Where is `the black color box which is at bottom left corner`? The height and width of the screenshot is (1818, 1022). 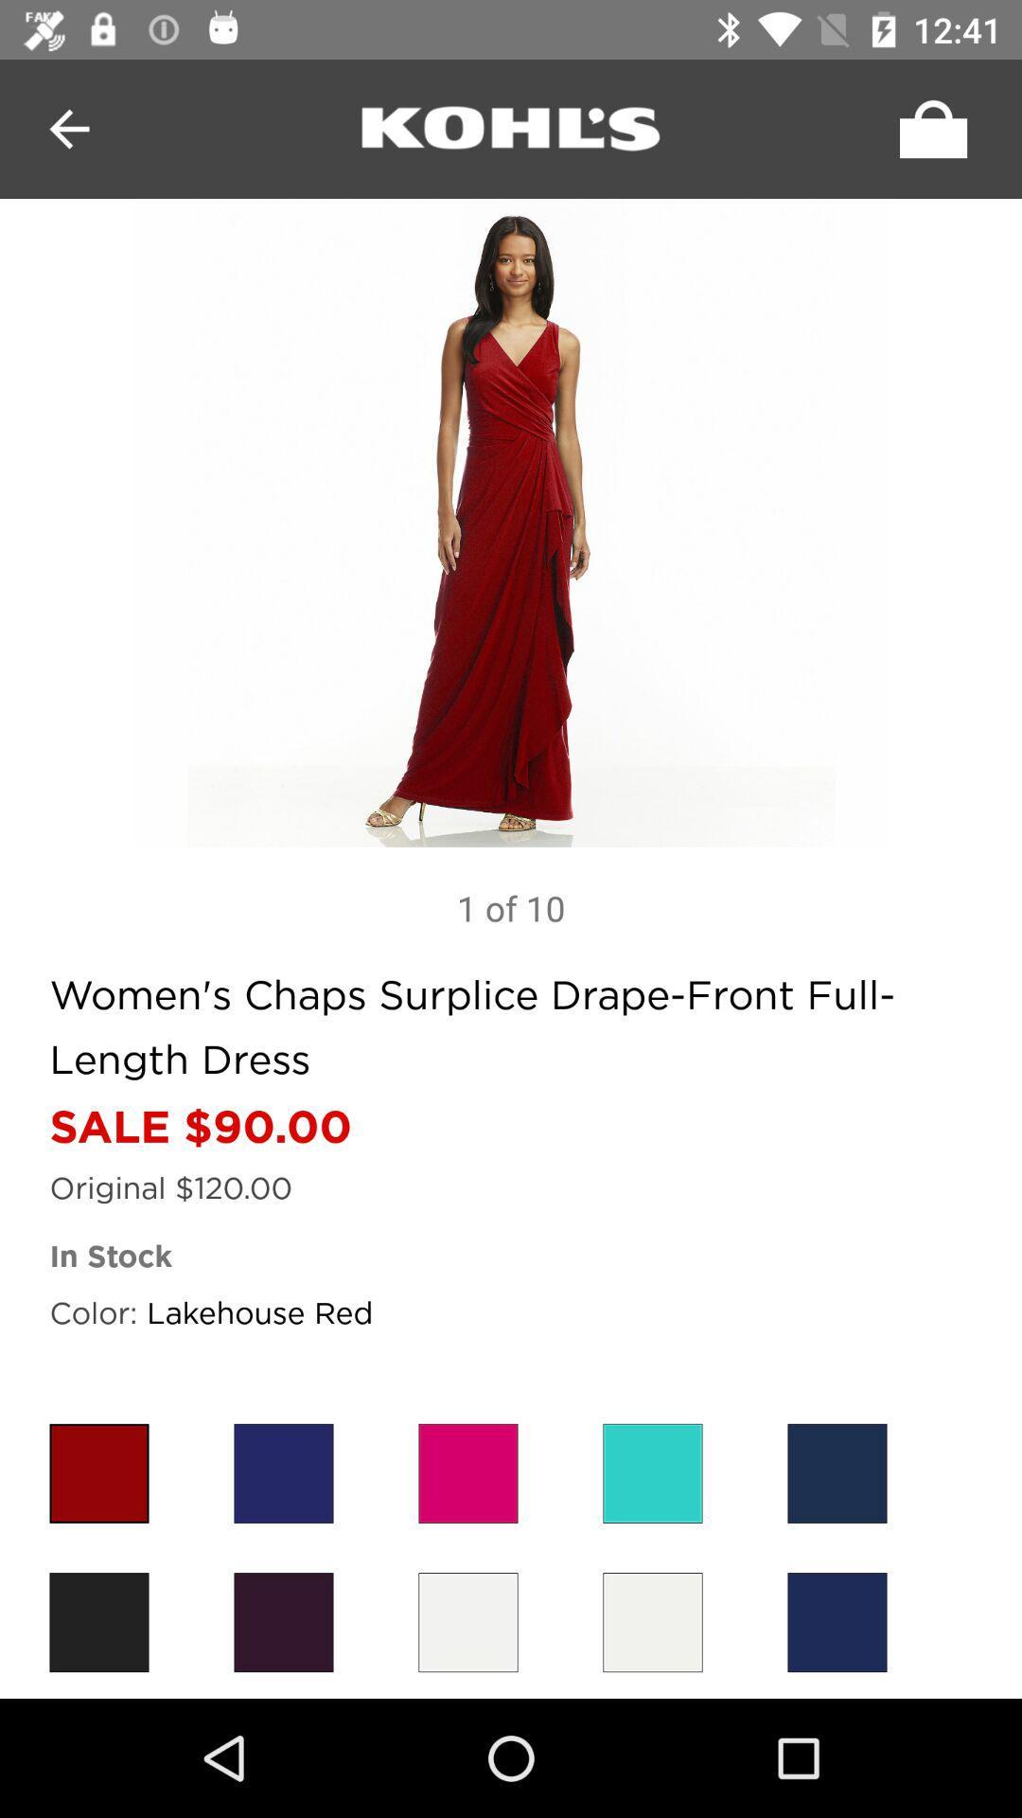
the black color box which is at bottom left corner is located at coordinates (99, 1621).